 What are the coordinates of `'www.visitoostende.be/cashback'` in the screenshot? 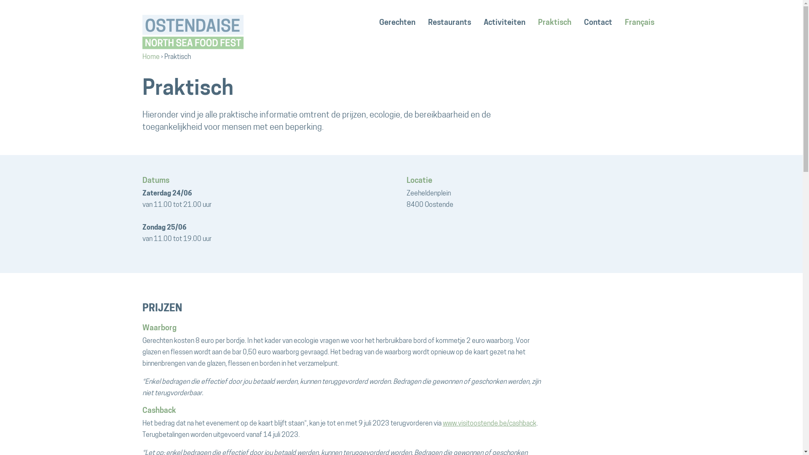 It's located at (489, 424).